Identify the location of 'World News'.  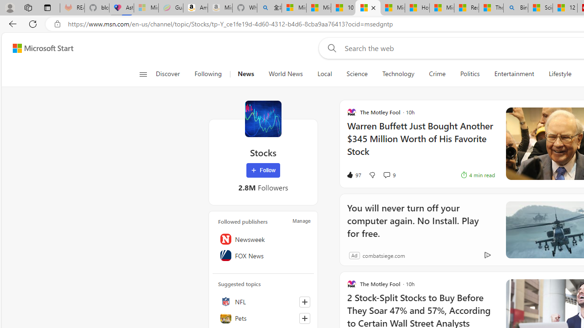
(285, 74).